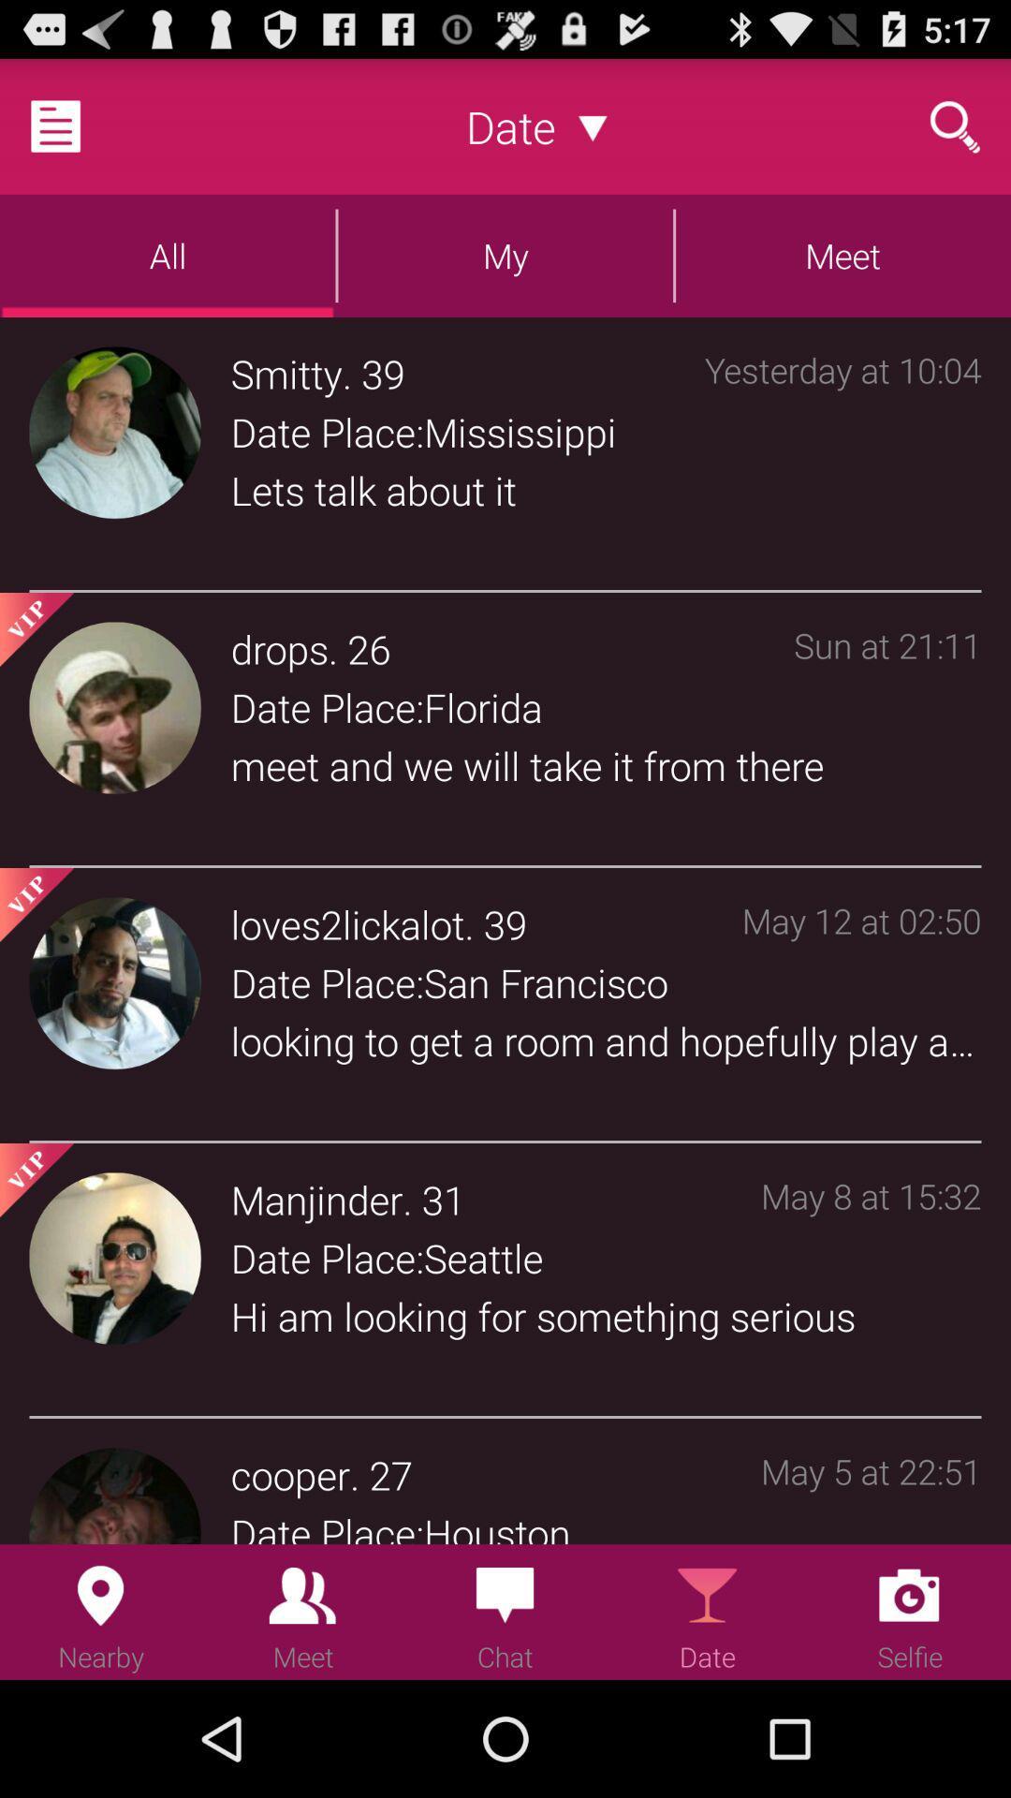  Describe the element at coordinates (279, 648) in the screenshot. I see `icon above date place:florida` at that location.